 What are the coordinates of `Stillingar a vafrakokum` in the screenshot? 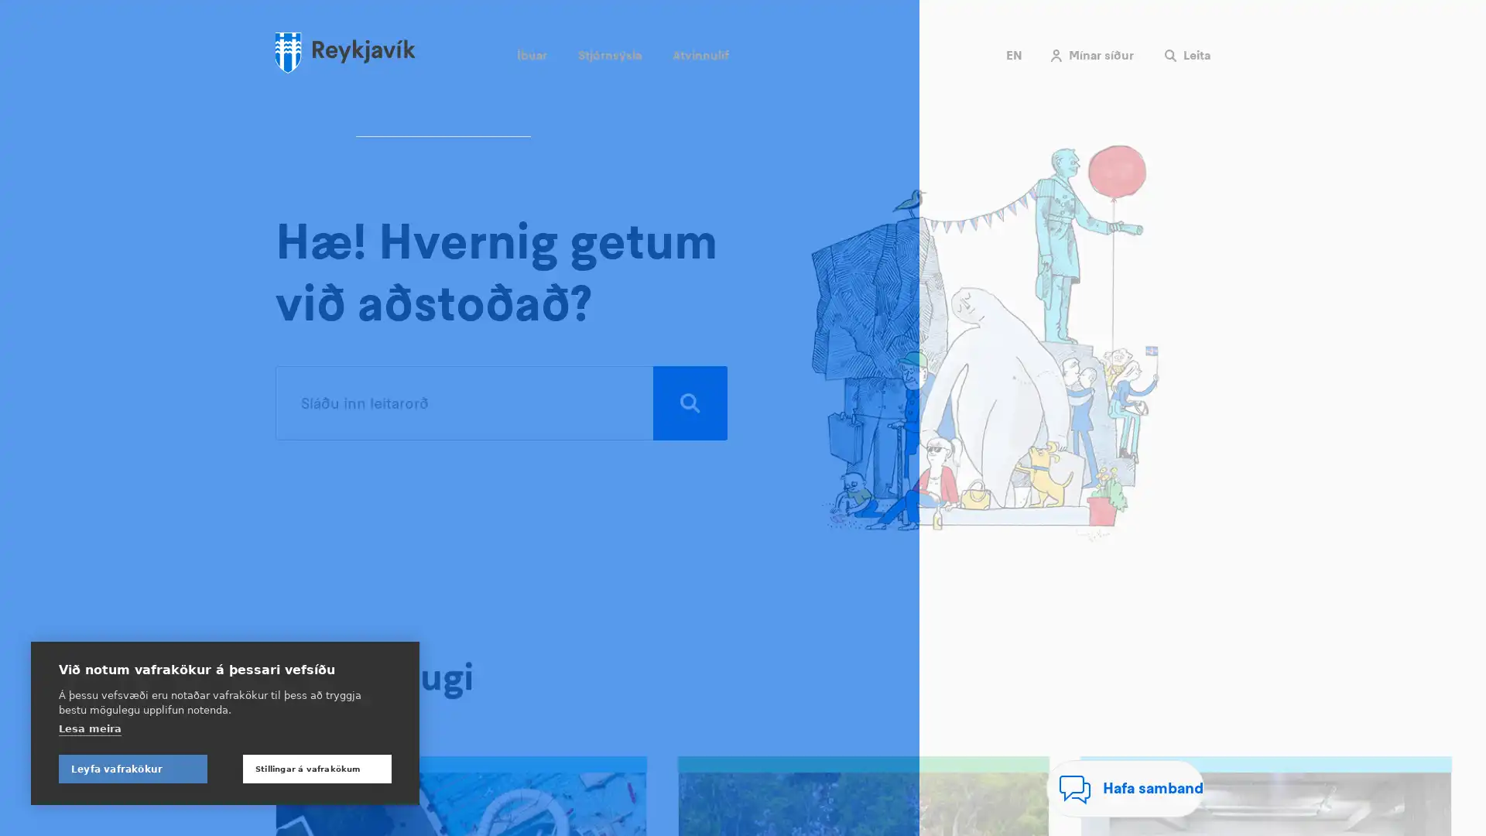 It's located at (316, 769).